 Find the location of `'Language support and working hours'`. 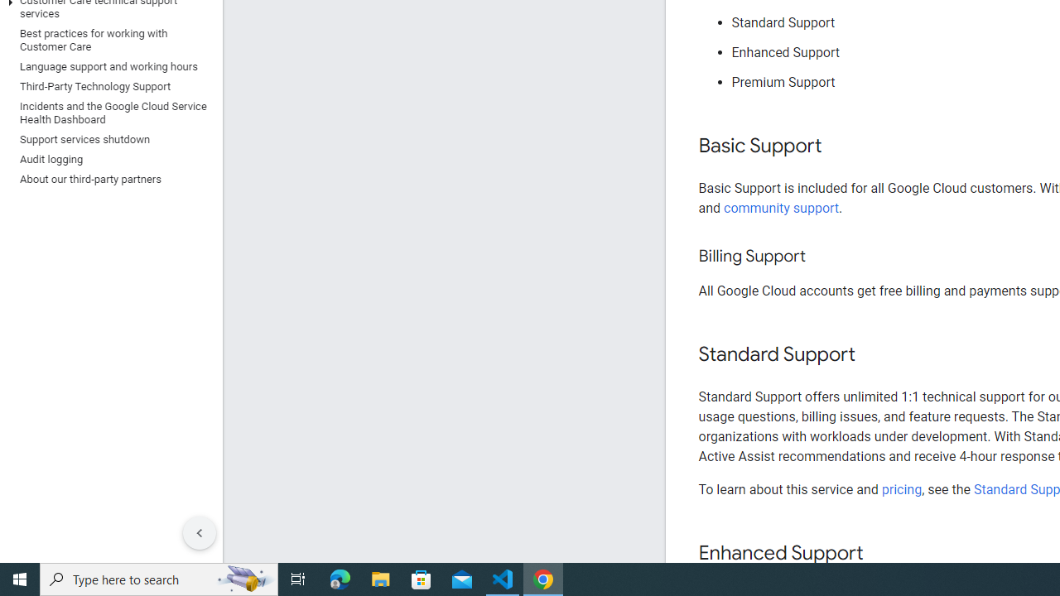

'Language support and working hours' is located at coordinates (107, 66).